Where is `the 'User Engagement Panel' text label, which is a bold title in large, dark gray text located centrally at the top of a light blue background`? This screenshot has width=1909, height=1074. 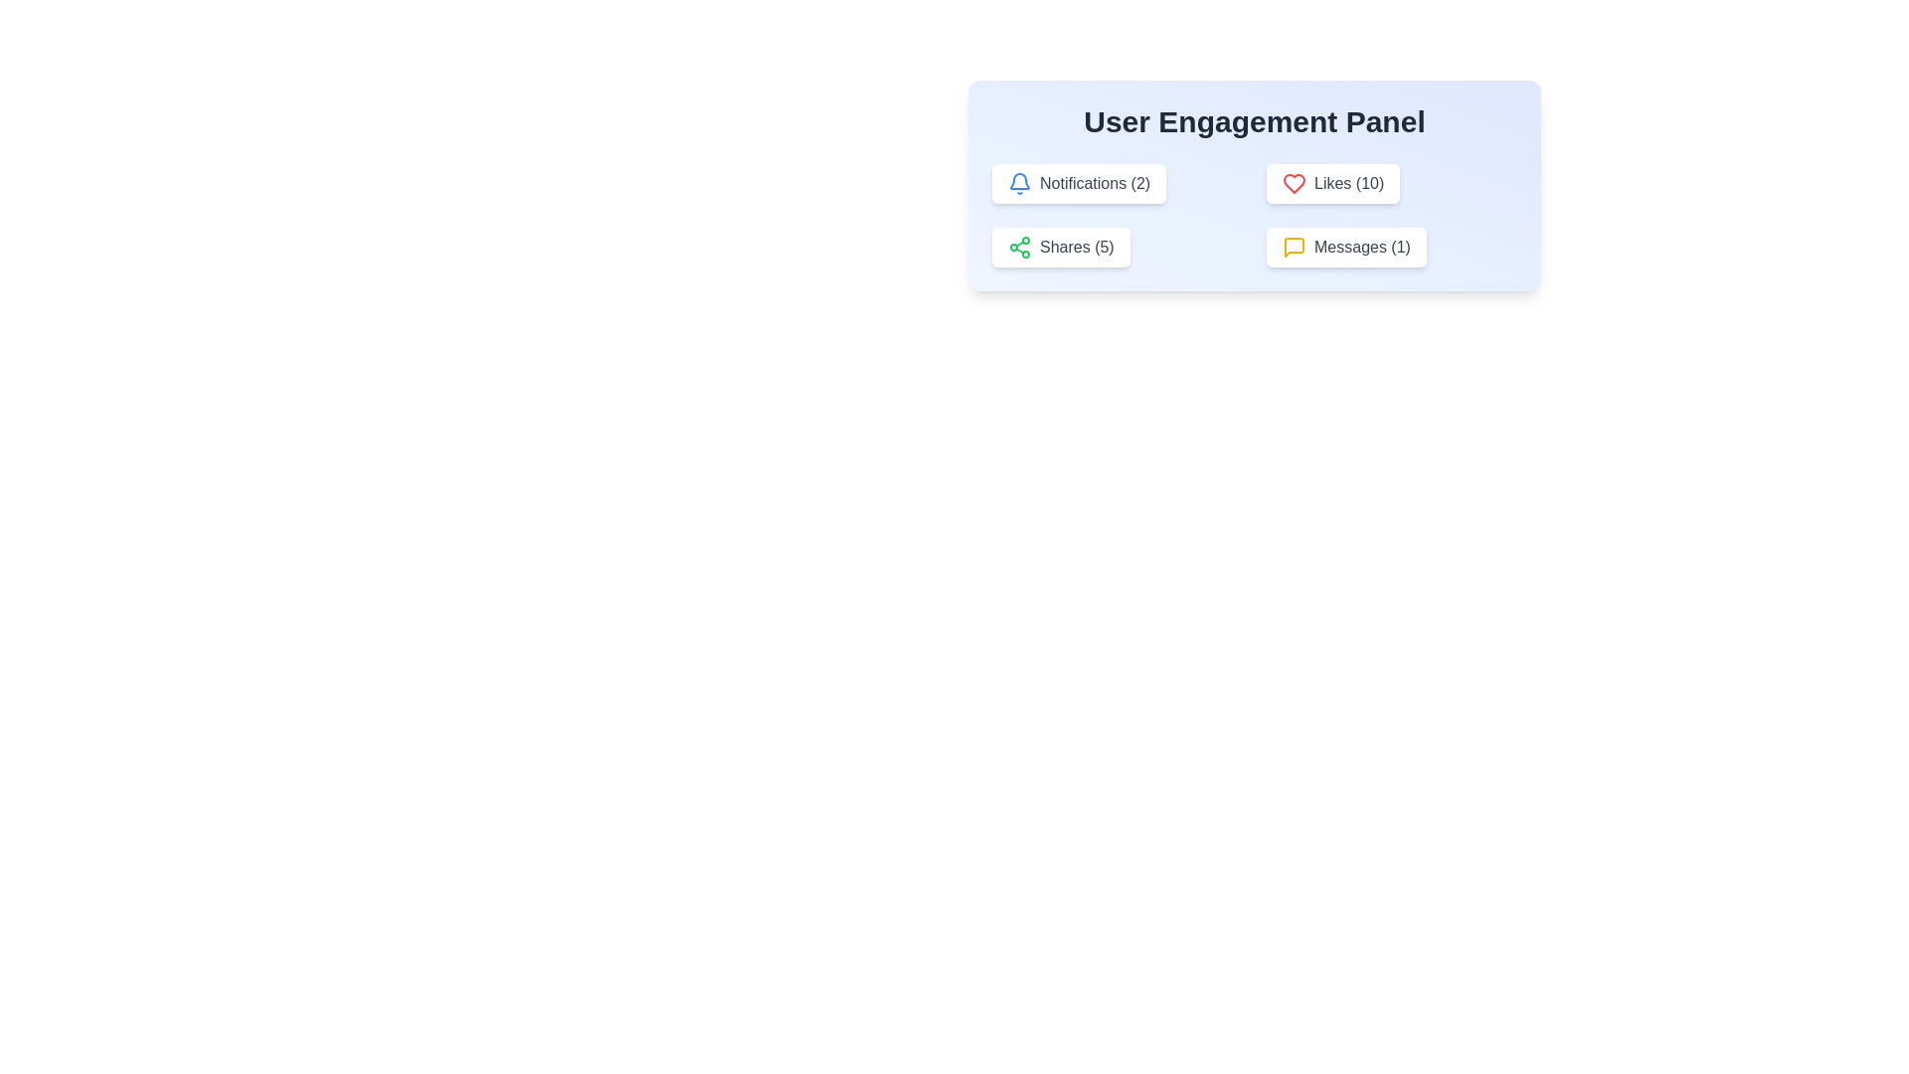
the 'User Engagement Panel' text label, which is a bold title in large, dark gray text located centrally at the top of a light blue background is located at coordinates (1254, 122).